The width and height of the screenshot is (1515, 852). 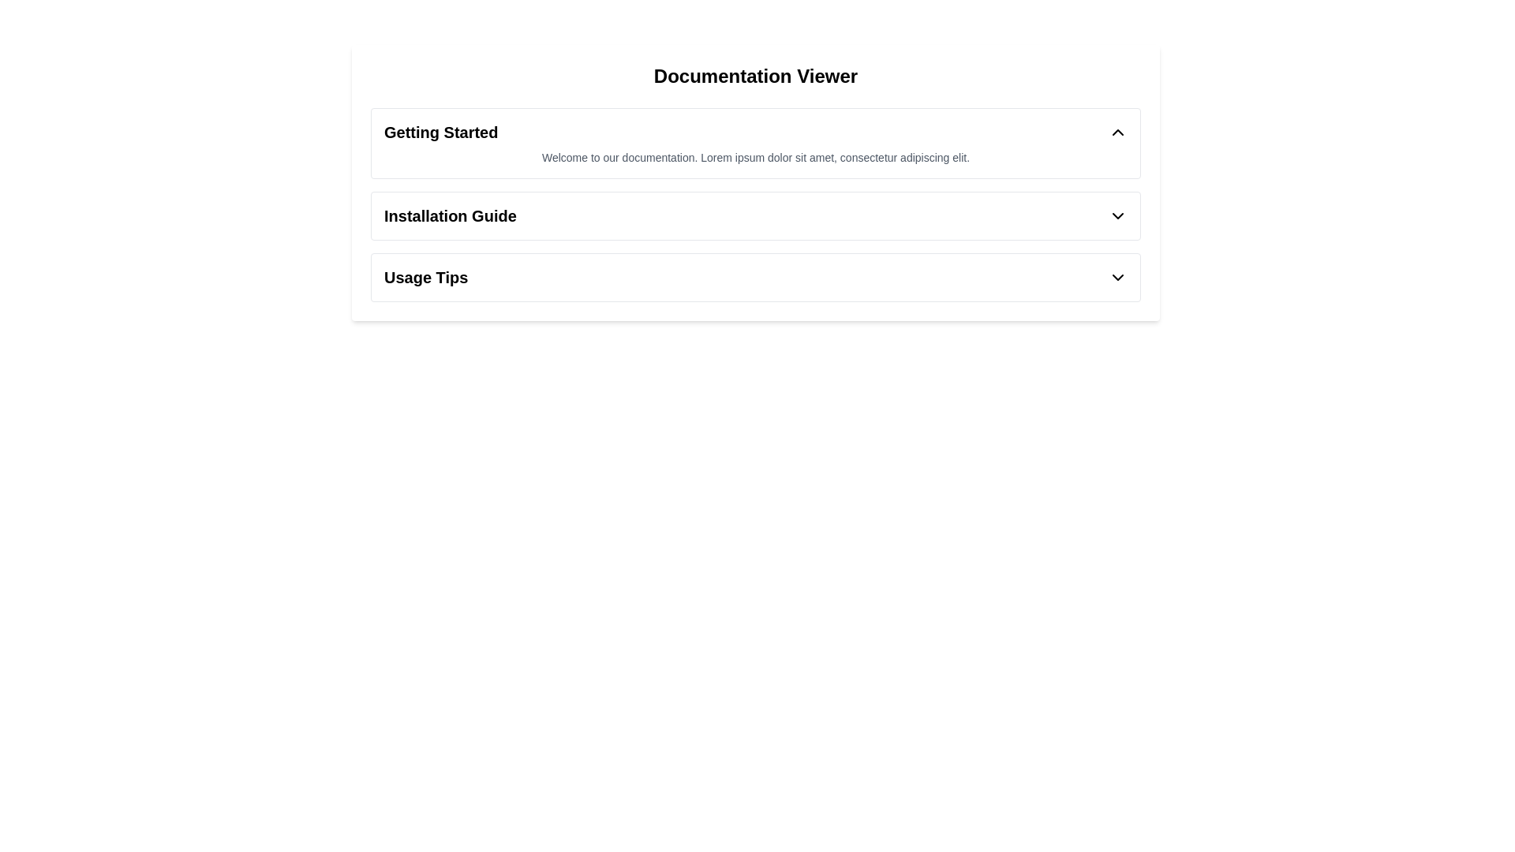 I want to click on the text block located under the heading 'Getting Started', which is formatted in small-sized gray font and serves as a concise description on the second line, so click(x=755, y=158).